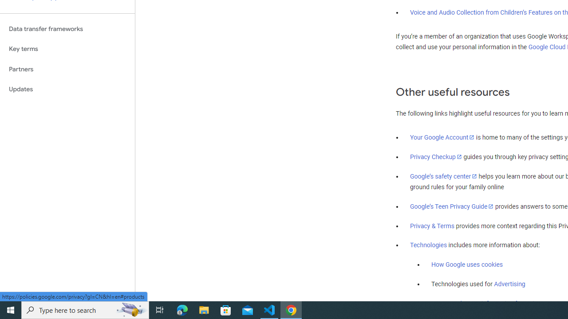  I want to click on 'Key terms', so click(67, 49).